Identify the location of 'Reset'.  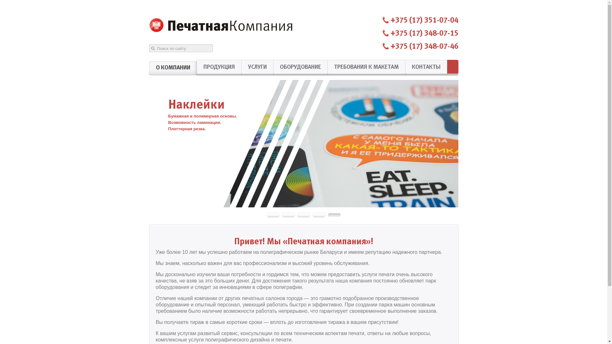
(1, 1).